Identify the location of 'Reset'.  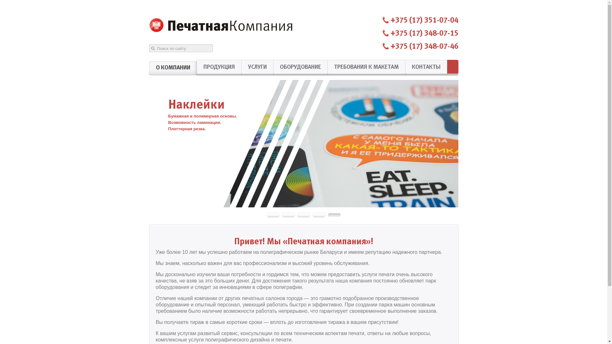
(1, 1).